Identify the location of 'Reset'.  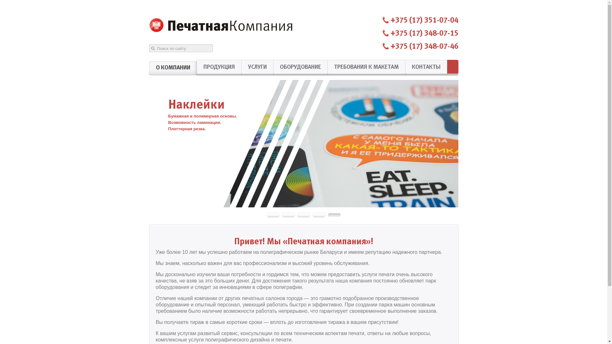
(1, 1).